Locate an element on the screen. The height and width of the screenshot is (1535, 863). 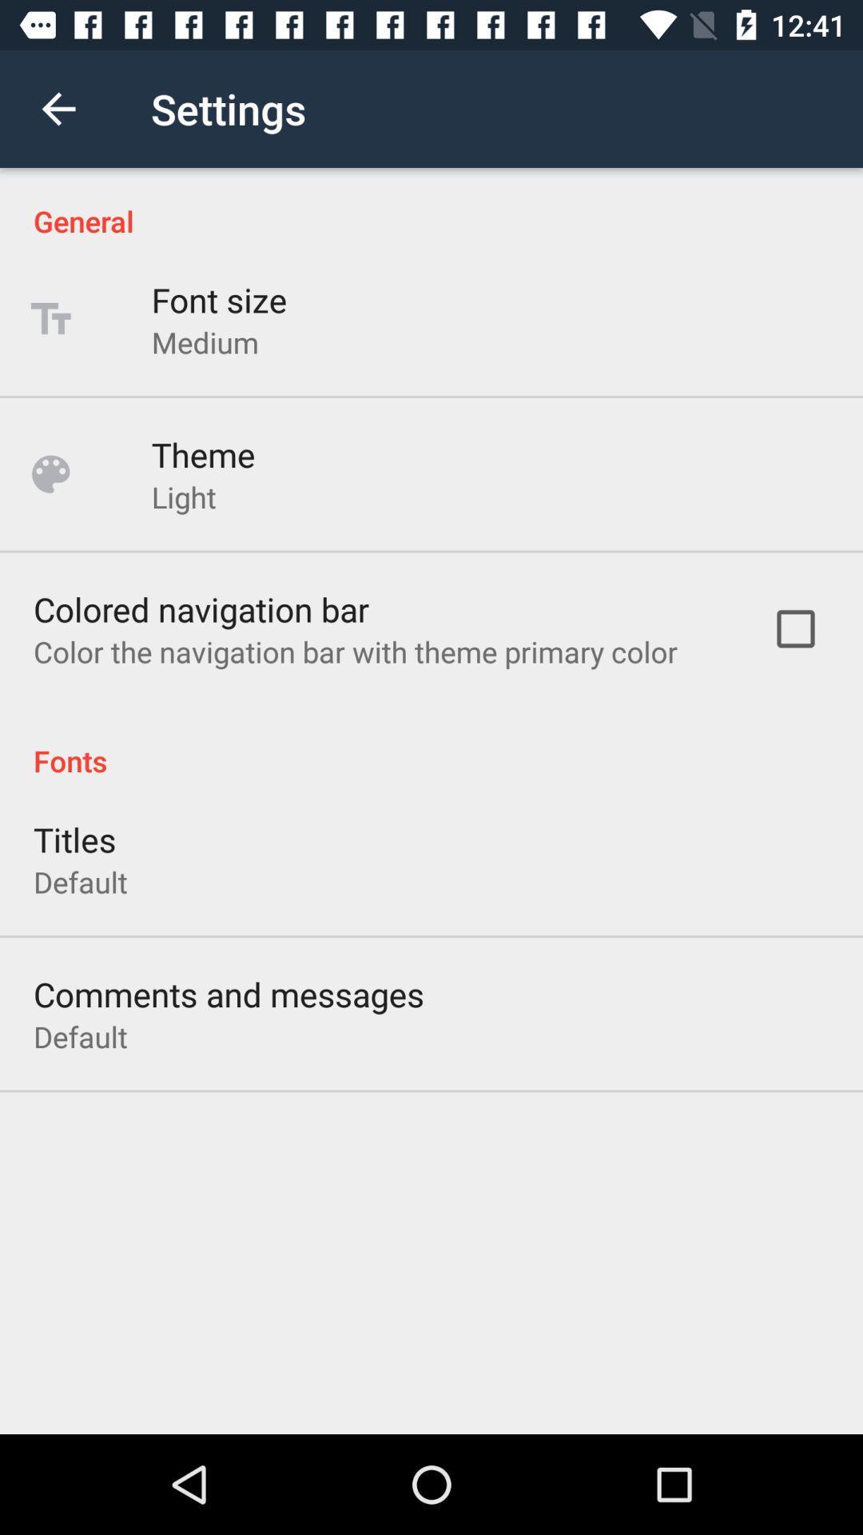
icon above the general icon is located at coordinates (58, 108).